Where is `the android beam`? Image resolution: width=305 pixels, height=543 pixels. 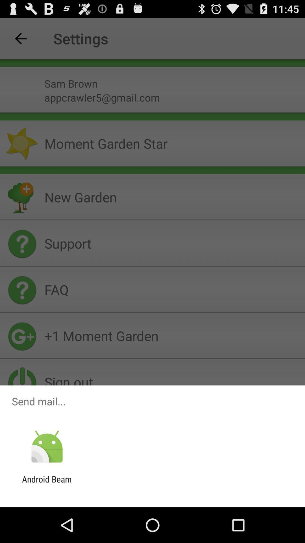 the android beam is located at coordinates (47, 484).